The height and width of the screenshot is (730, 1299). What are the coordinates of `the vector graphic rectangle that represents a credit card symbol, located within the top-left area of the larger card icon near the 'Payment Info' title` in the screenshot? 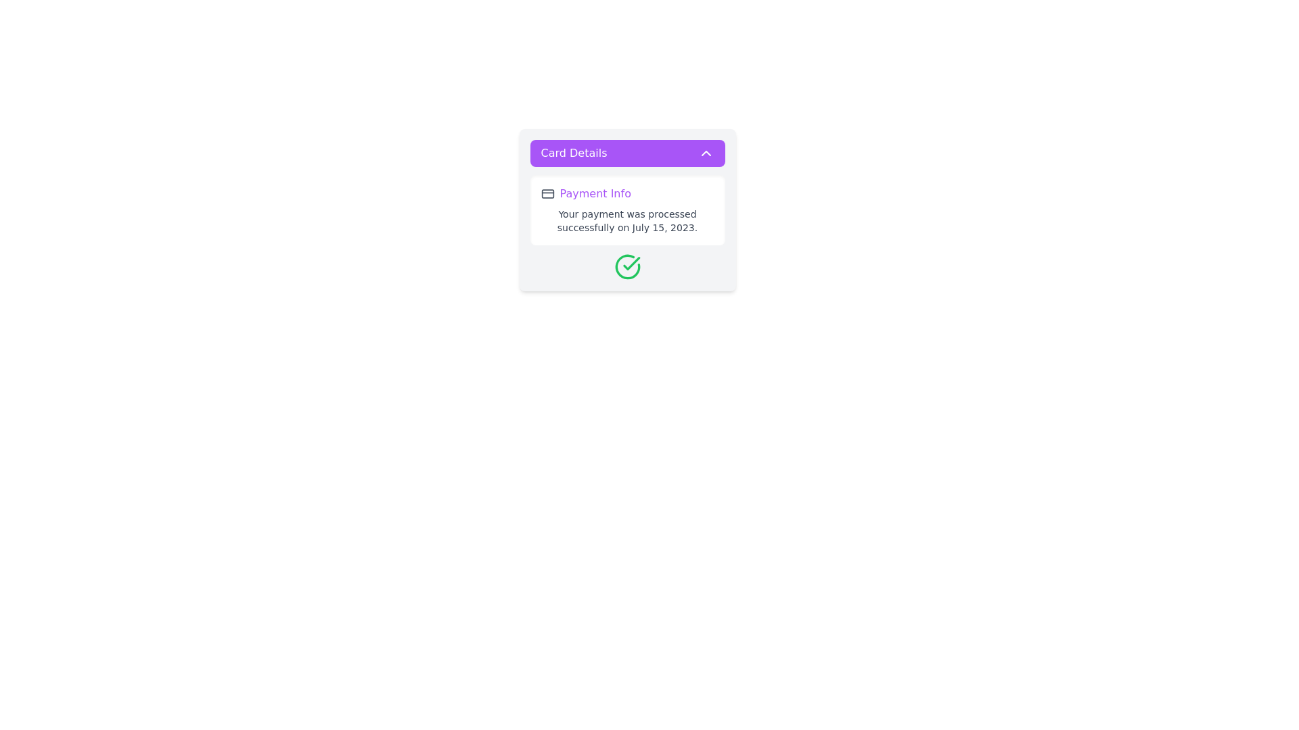 It's located at (547, 193).